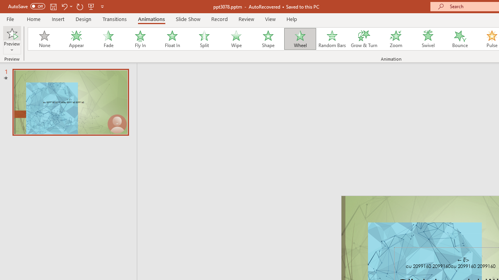  I want to click on 'Float In', so click(172, 39).